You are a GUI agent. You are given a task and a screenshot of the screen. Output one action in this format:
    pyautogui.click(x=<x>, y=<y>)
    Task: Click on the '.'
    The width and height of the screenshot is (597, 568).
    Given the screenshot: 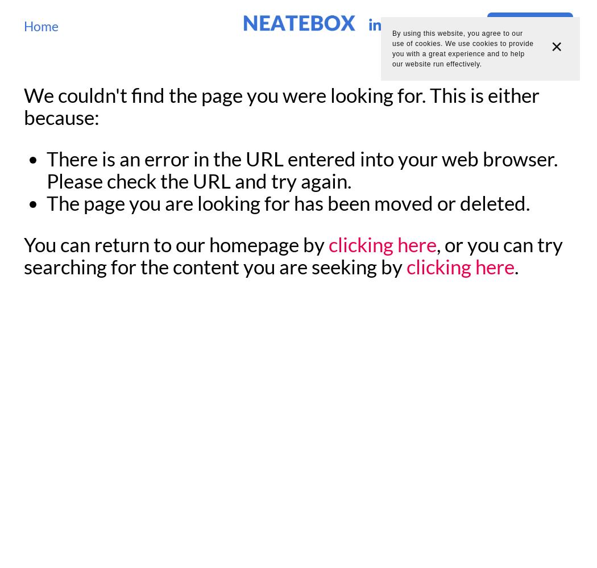 What is the action you would take?
    pyautogui.click(x=516, y=265)
    